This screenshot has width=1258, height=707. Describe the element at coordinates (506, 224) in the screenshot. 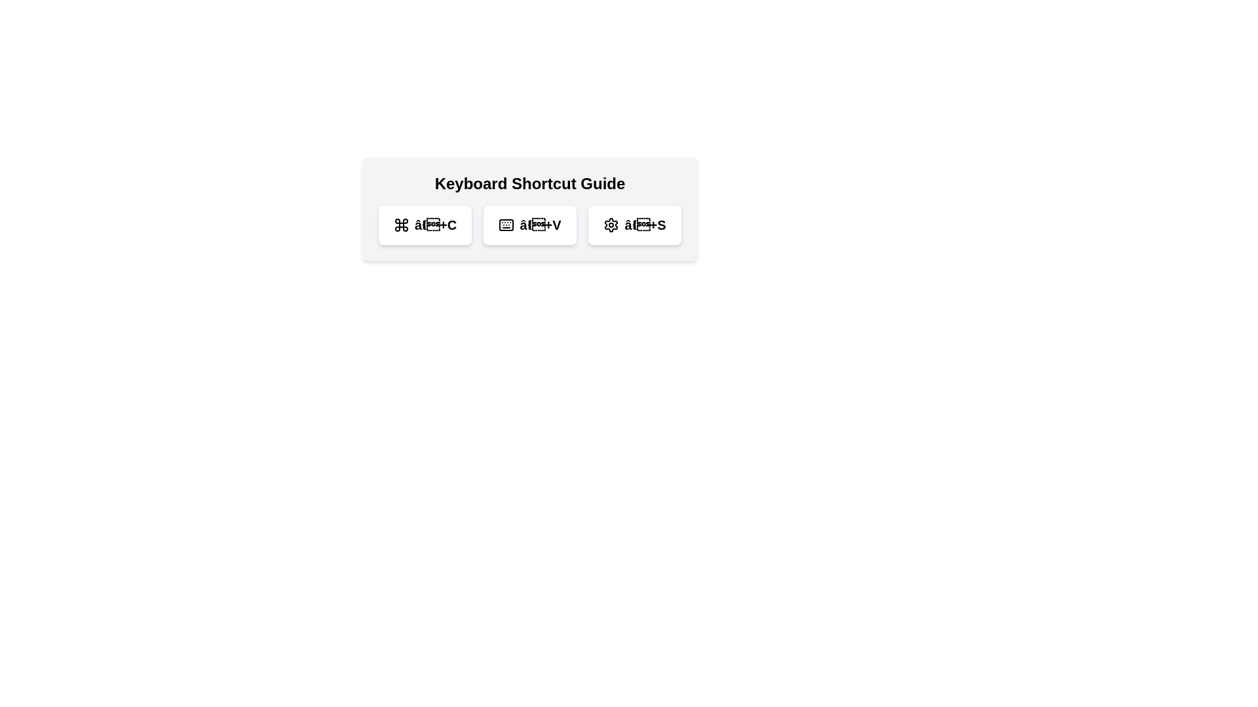

I see `the Icon Button, which is a black rectangular component with rounded edges, located under the 'Keyboard Shortcut Guide' title and positioned as the second icon from the left` at that location.